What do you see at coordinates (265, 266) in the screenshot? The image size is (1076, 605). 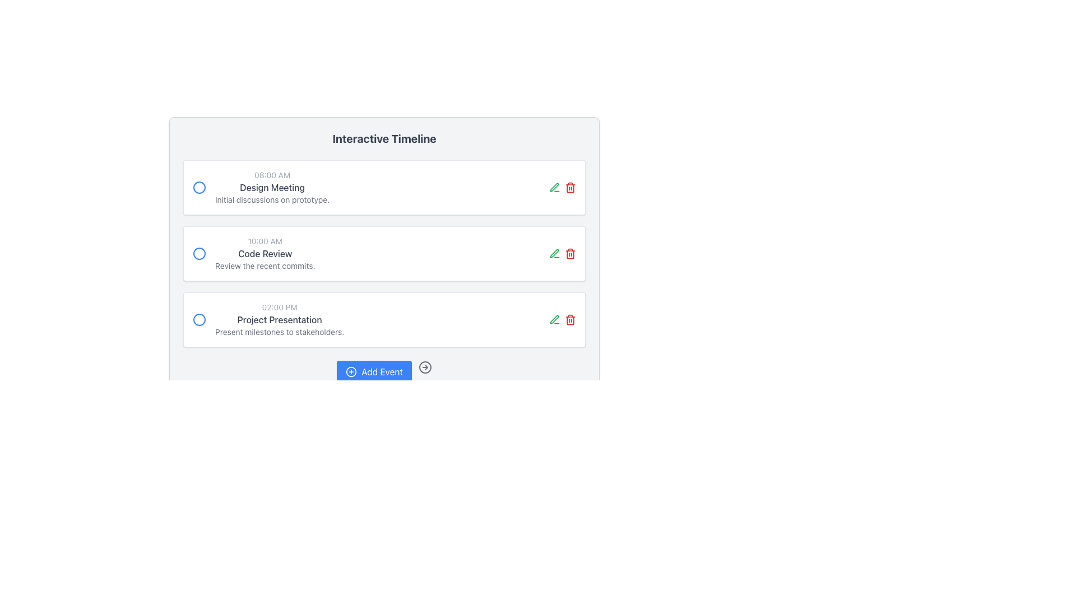 I see `the Text Label that provides a summary about the 'Code Review' event in the second event card of the timeline` at bounding box center [265, 266].